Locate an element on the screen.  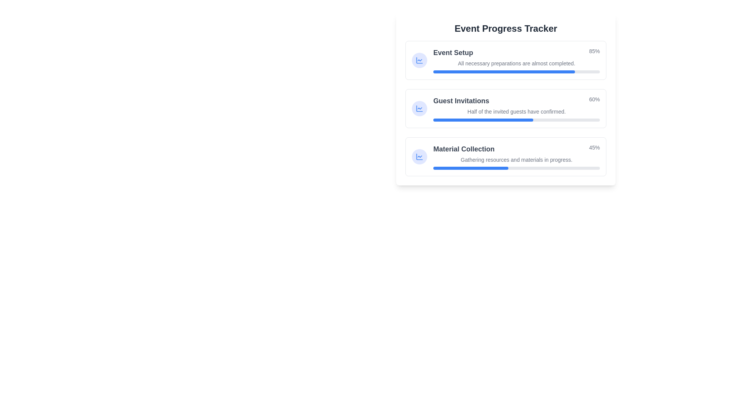
the Text Label that conveys a status update about the invitation progress in the 'Guest Invitations' section of the 'Event Progress Tracker' interface is located at coordinates (516, 112).